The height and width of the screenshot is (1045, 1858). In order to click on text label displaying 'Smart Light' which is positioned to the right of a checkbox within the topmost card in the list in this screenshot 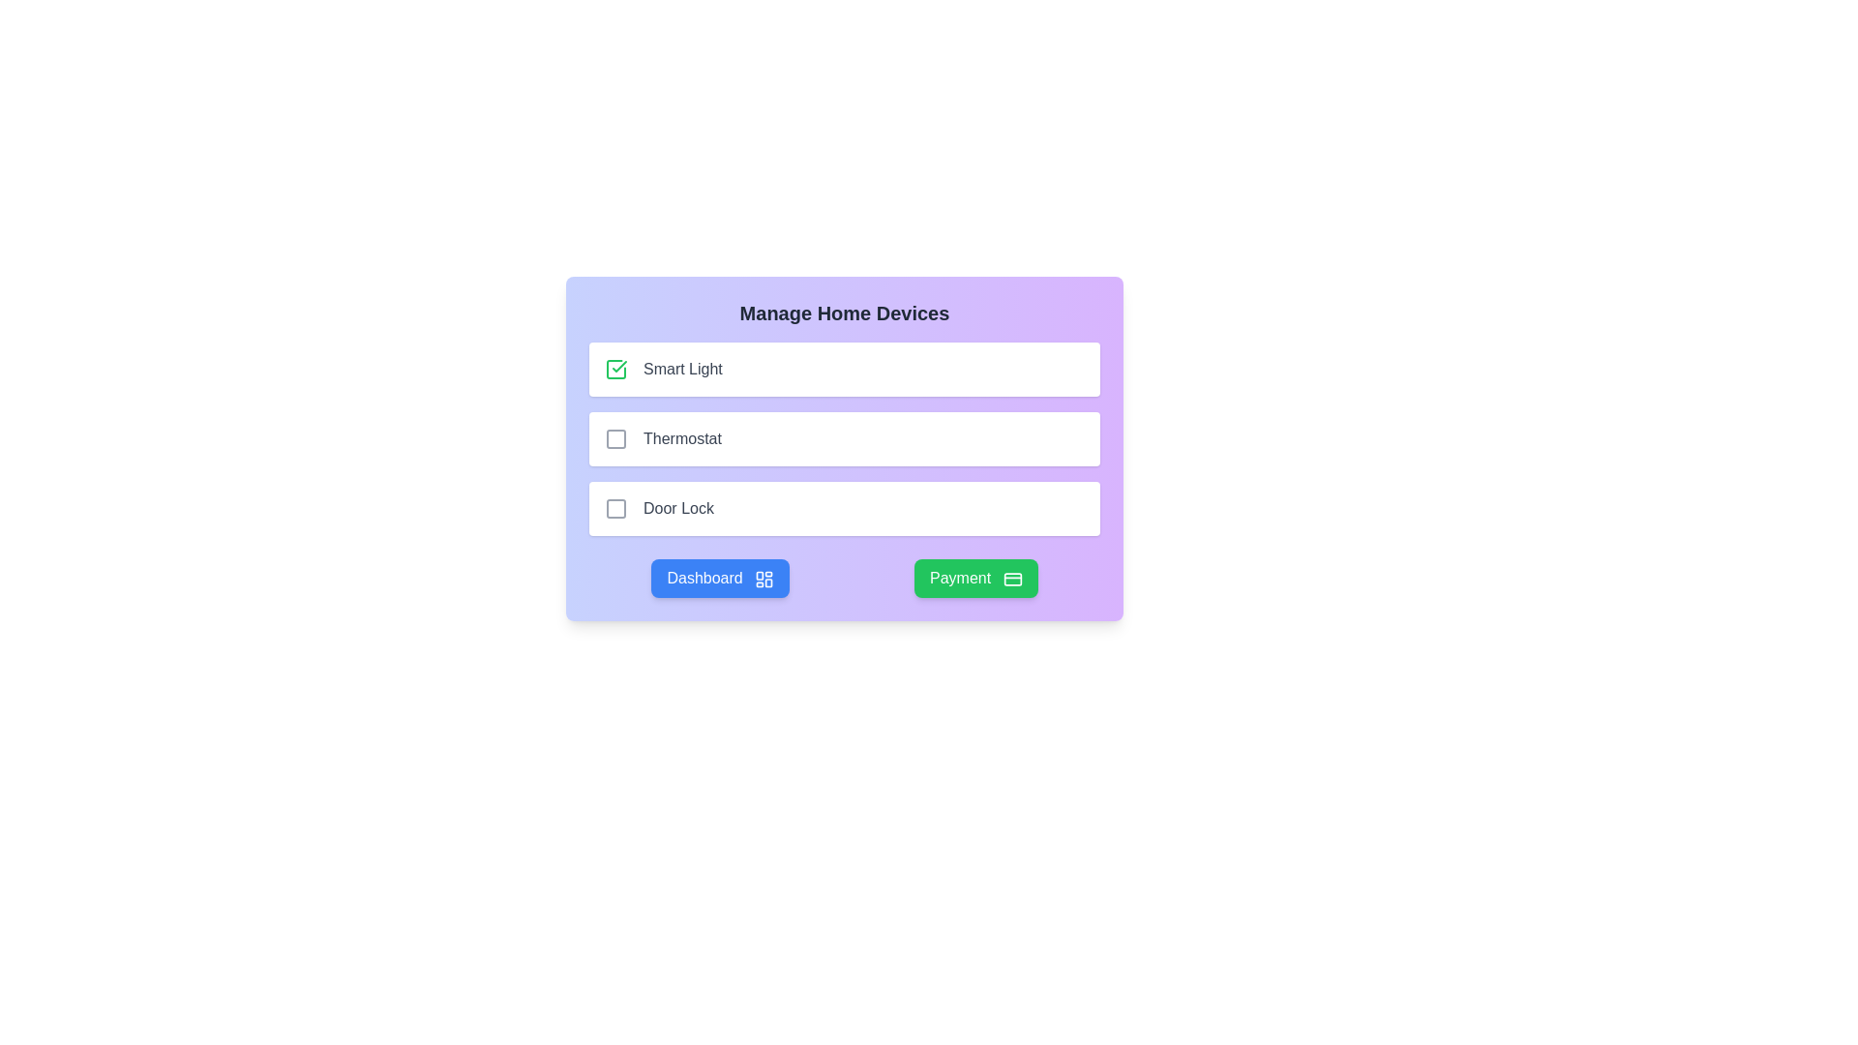, I will do `click(682, 369)`.